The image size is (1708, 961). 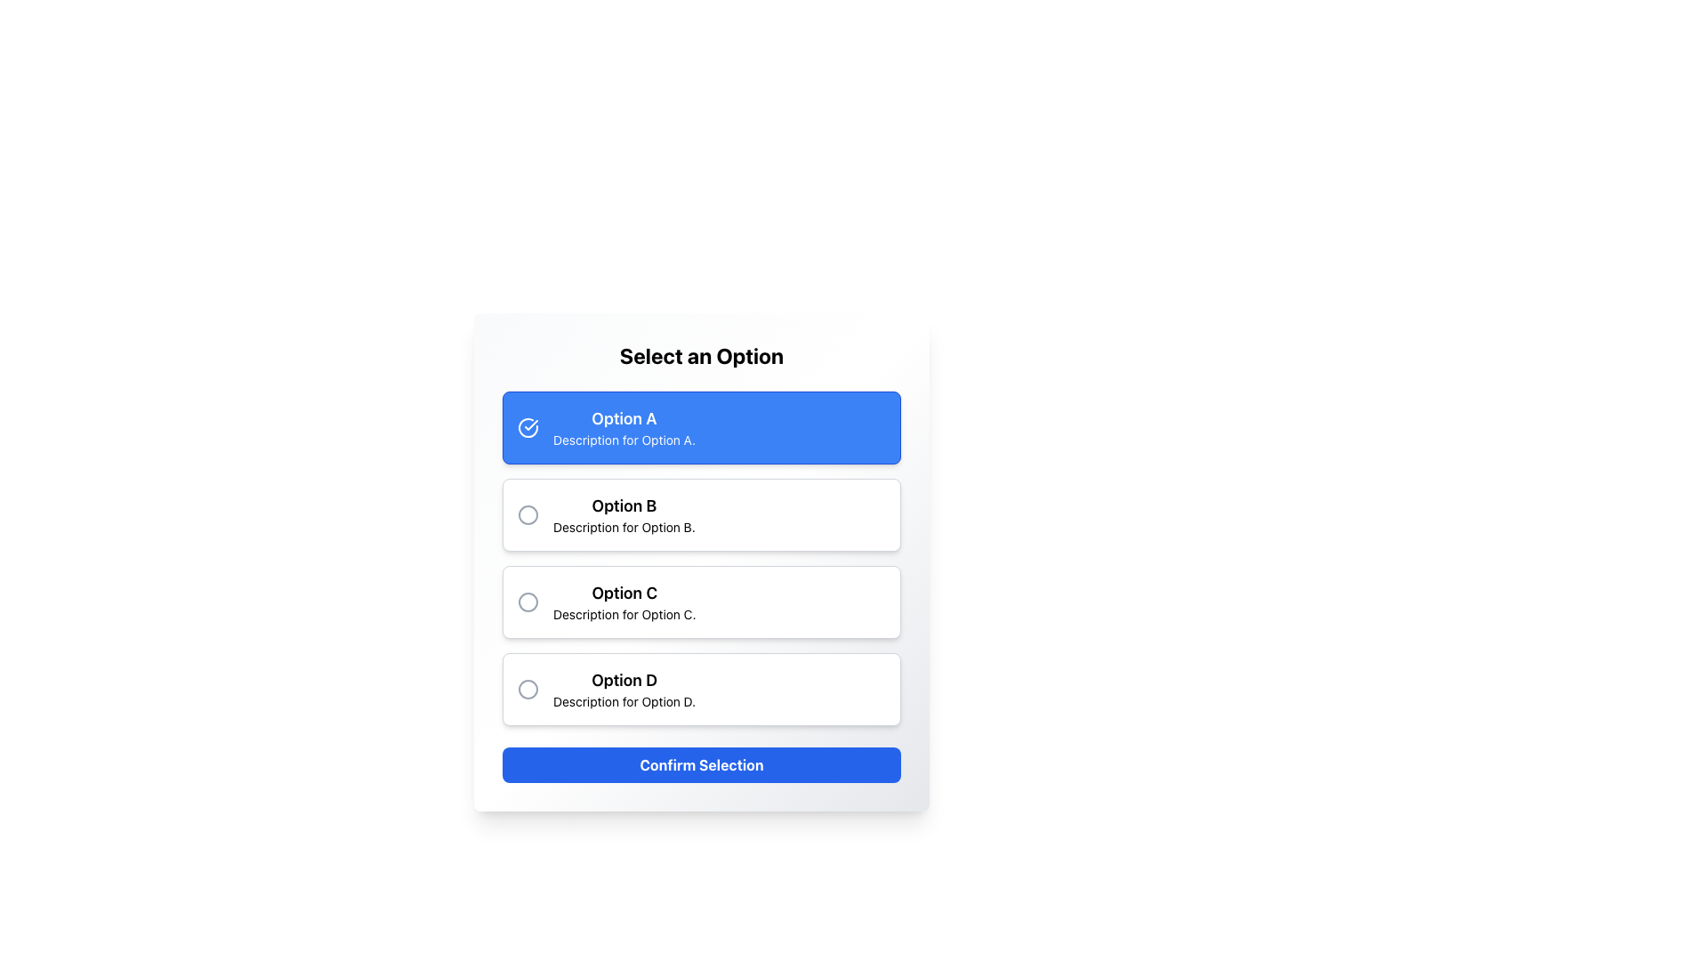 I want to click on the selectable item labeled 'Option B' with associated description, so click(x=624, y=514).